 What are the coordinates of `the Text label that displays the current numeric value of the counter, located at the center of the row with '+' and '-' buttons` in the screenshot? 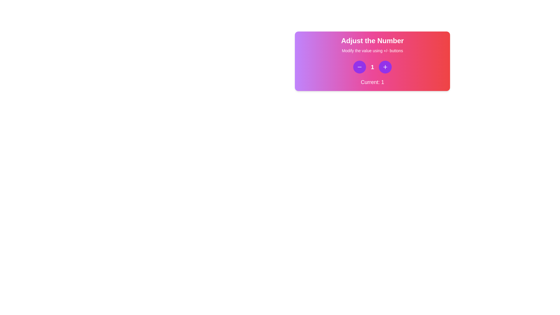 It's located at (372, 67).